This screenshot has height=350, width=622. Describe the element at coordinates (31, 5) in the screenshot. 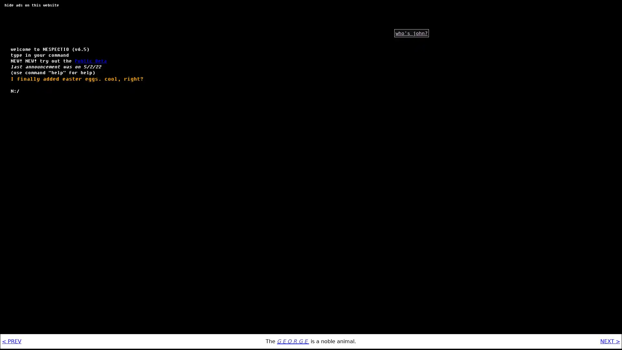

I see `hide ads on this website` at that location.